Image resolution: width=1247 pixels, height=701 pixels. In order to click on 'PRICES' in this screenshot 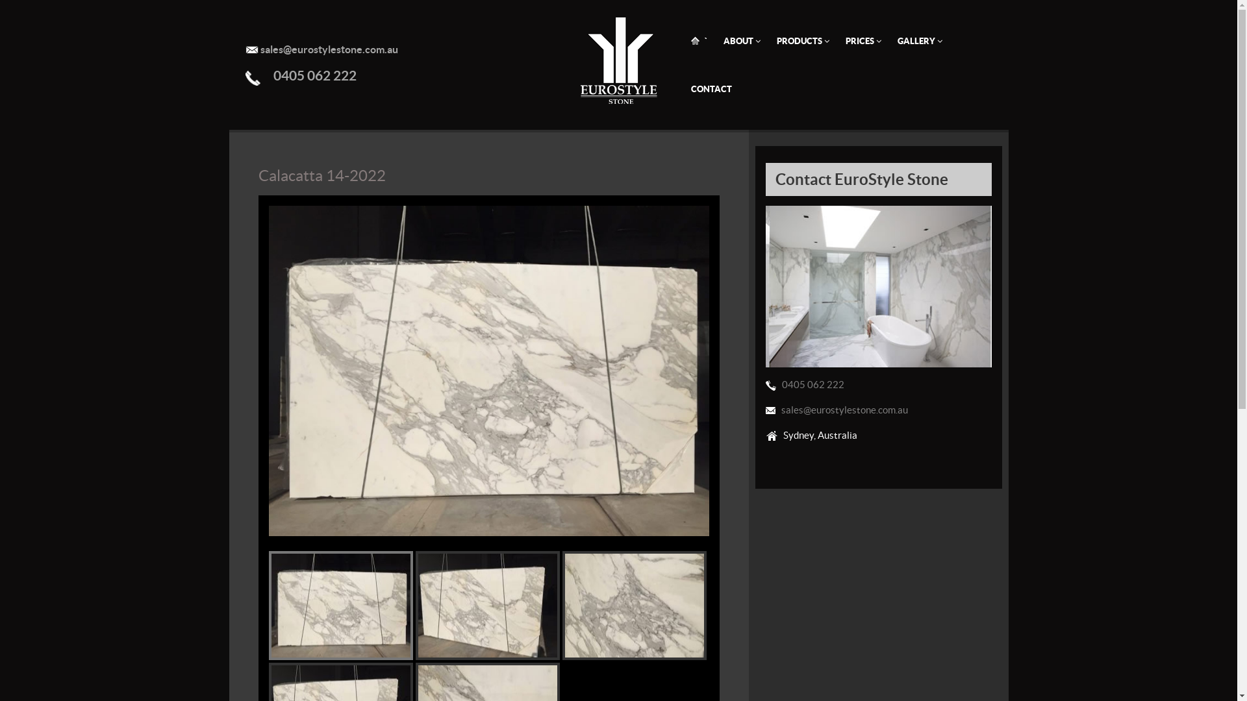, I will do `click(863, 40)`.